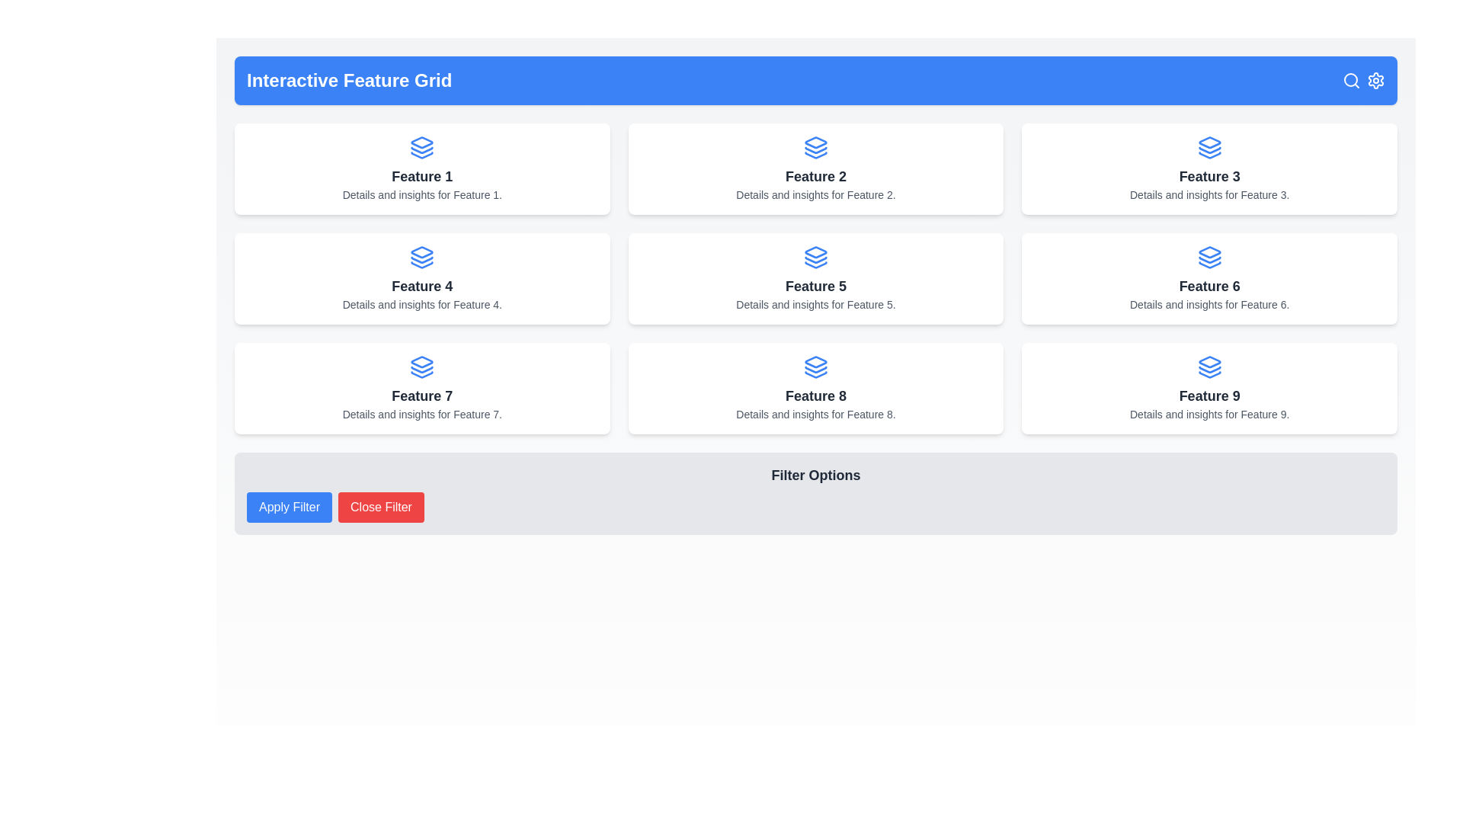  What do you see at coordinates (815, 414) in the screenshot?
I see `the text label containing the phrase 'Details and insights for Feature 8.', which is located within the 'Feature 8' card, the sixth item in the grid layout` at bounding box center [815, 414].